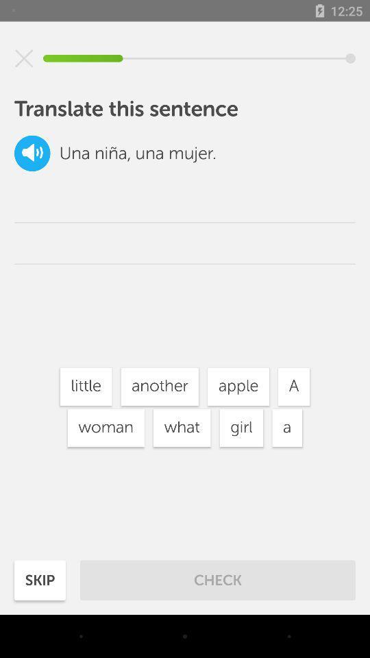 This screenshot has height=658, width=370. I want to click on little, so click(86, 387).